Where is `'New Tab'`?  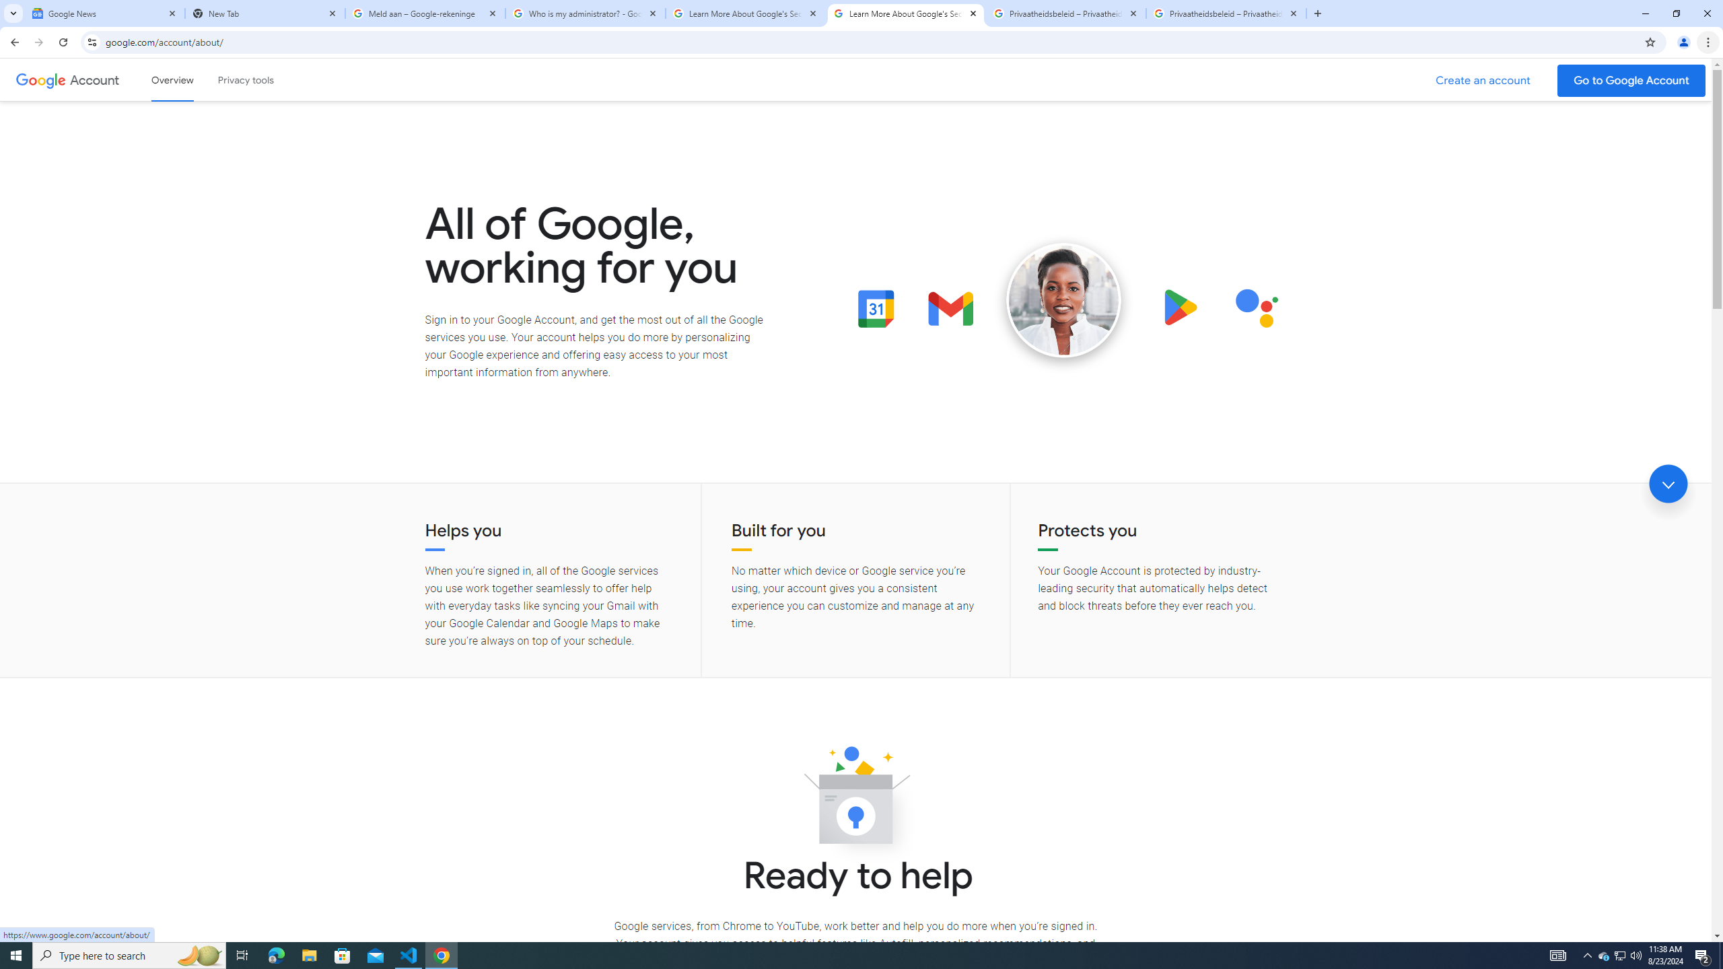
'New Tab' is located at coordinates (265, 13).